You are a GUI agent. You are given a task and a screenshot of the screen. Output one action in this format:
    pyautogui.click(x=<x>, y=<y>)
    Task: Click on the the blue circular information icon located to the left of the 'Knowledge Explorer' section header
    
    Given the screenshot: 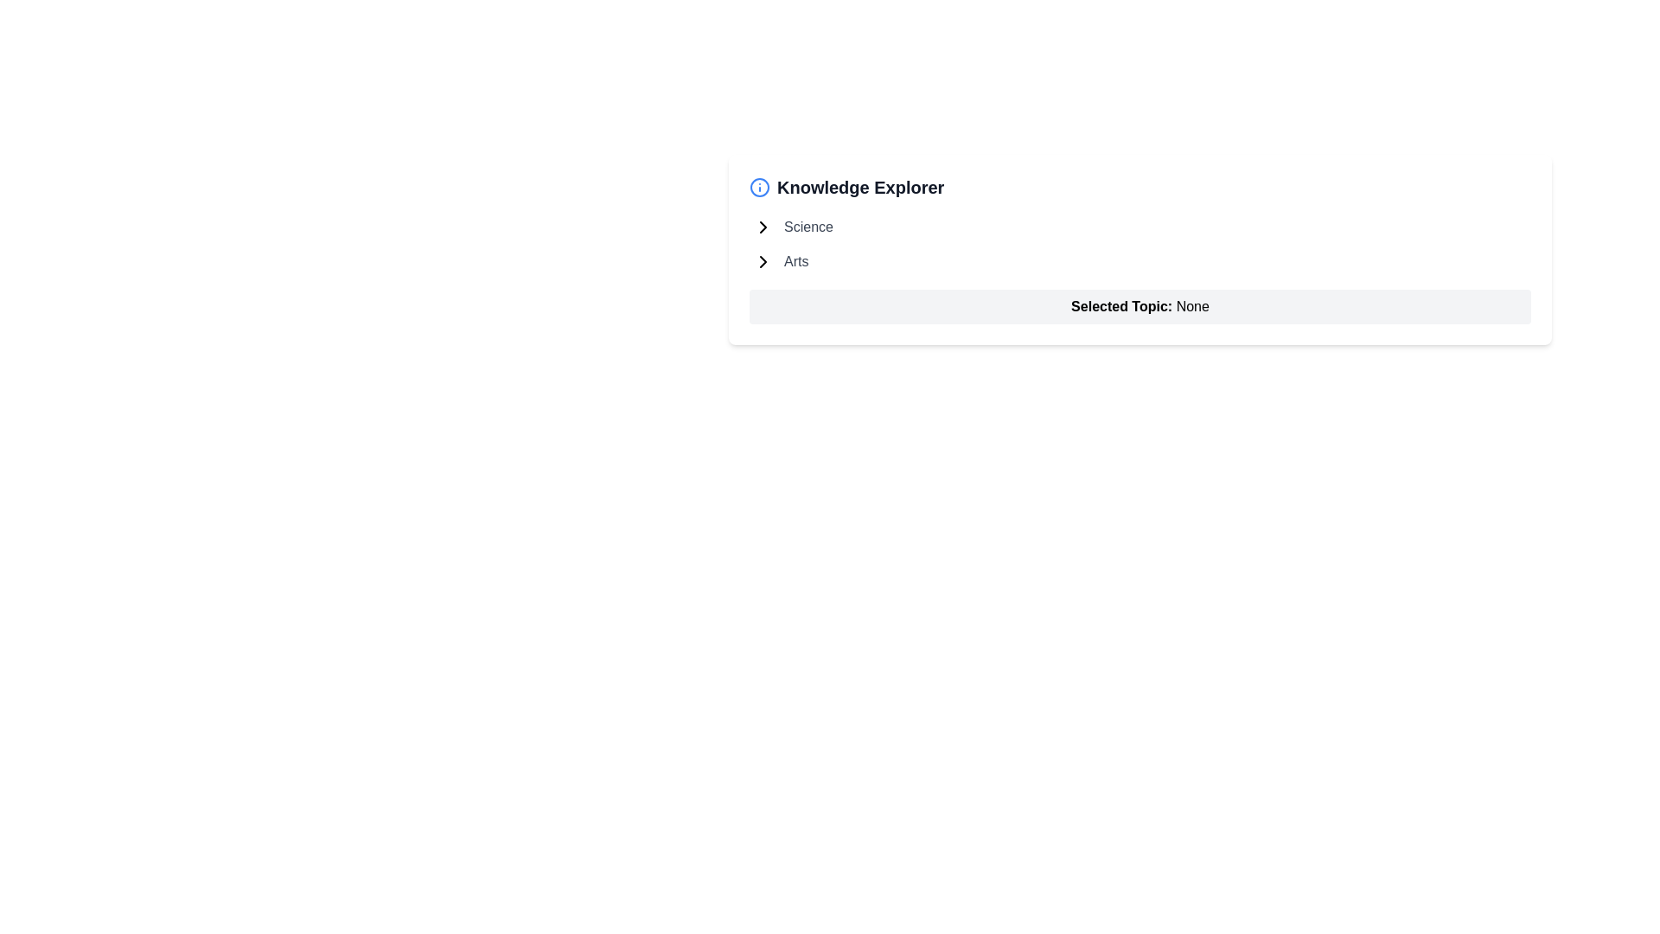 What is the action you would take?
    pyautogui.click(x=759, y=187)
    